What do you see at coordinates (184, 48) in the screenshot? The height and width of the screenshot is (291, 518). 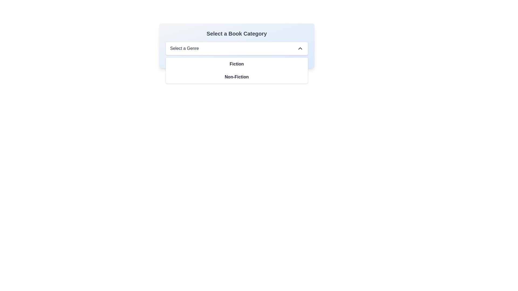 I see `the static text 'Select a Genre' located at the top-left of the dropdown menu` at bounding box center [184, 48].